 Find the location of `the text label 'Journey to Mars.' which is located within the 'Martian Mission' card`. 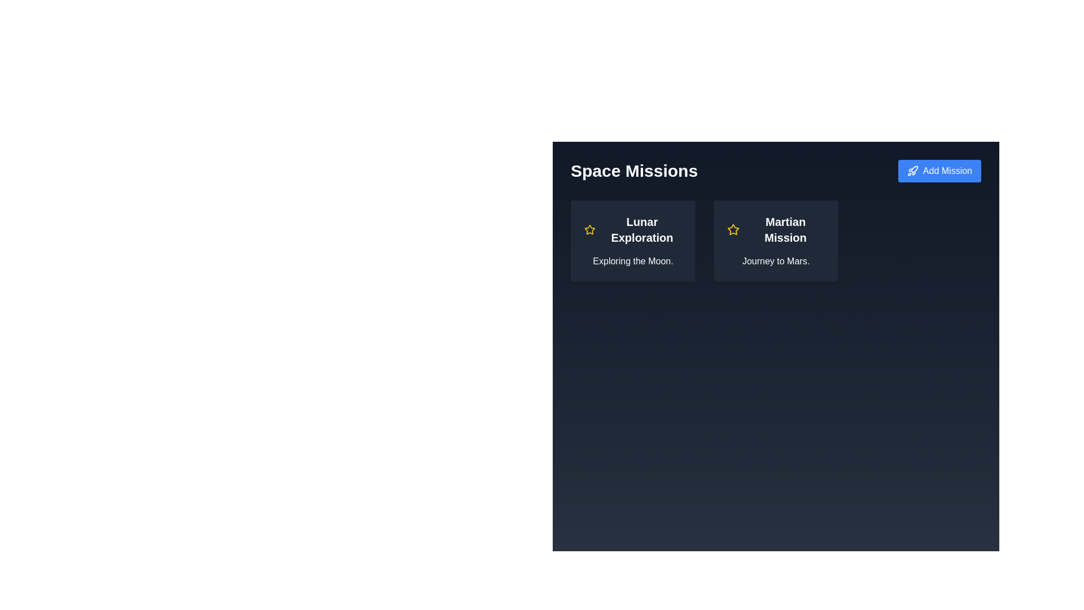

the text label 'Journey to Mars.' which is located within the 'Martian Mission' card is located at coordinates (775, 261).